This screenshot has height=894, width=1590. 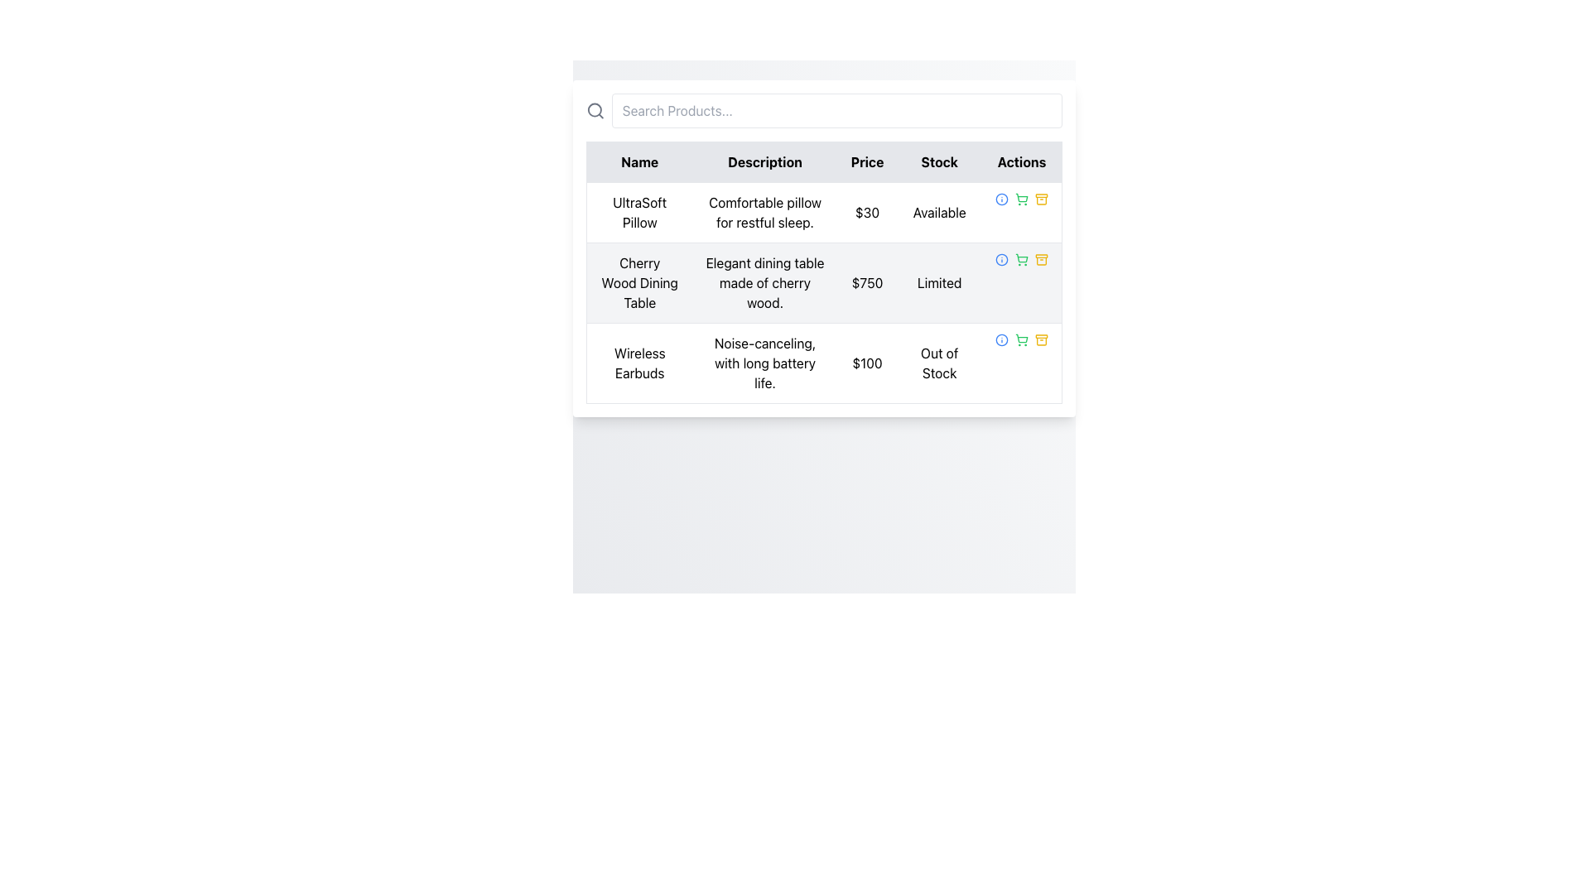 What do you see at coordinates (638, 212) in the screenshot?
I see `the Text Label displaying 'UltraSoft Pillow' in the first row of the product table under the 'Name' column` at bounding box center [638, 212].